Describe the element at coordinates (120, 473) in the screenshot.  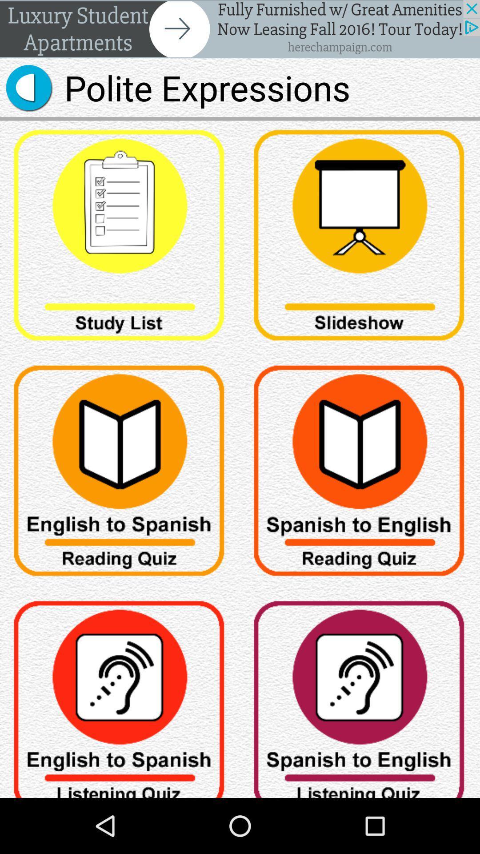
I see `one part` at that location.